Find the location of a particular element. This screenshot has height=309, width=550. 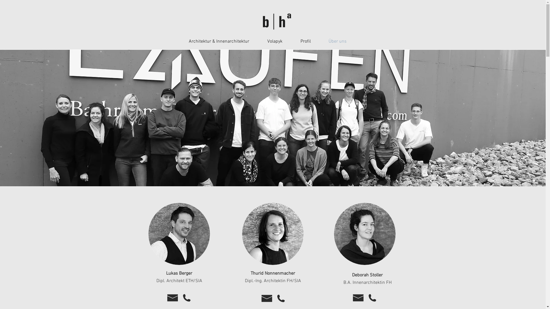

'Thurid.jpg' is located at coordinates (242, 234).